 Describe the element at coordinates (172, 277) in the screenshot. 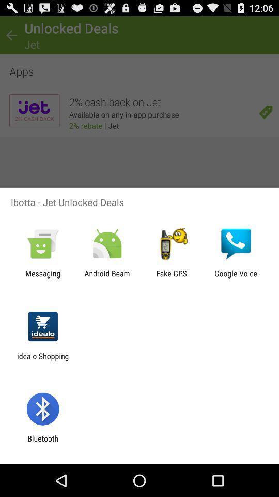

I see `item next to android beam item` at that location.